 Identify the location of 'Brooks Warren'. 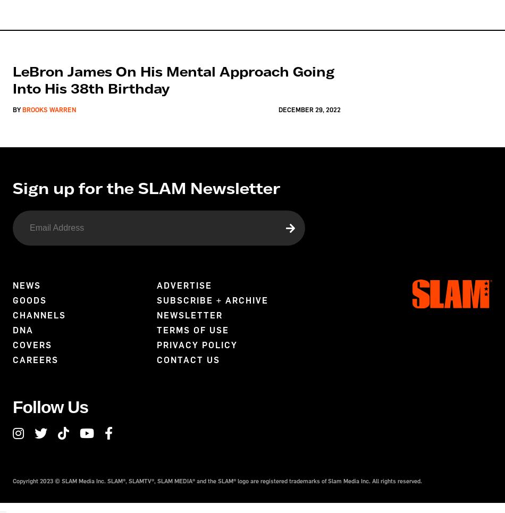
(49, 110).